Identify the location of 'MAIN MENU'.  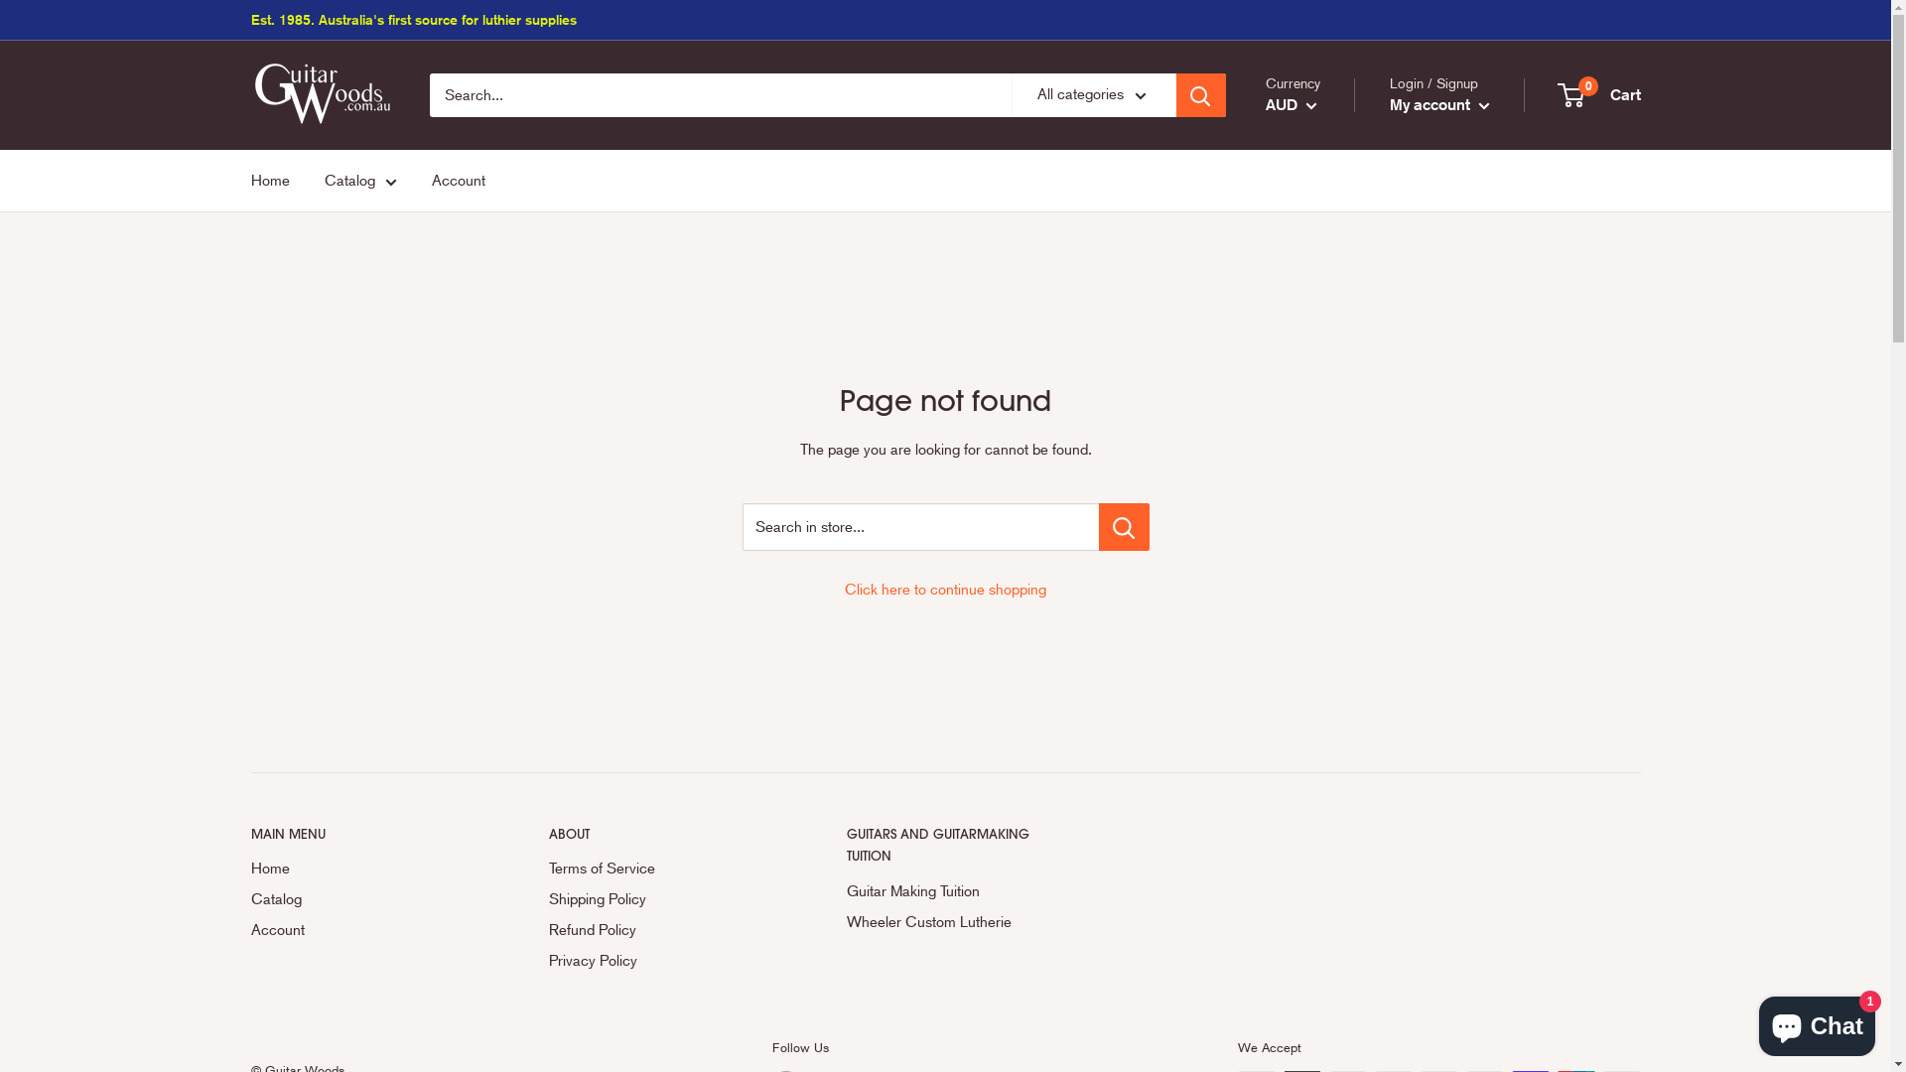
(363, 834).